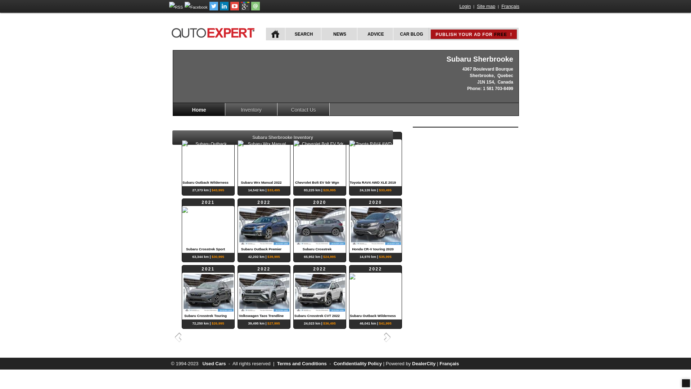  I want to click on 'Home', so click(199, 109).